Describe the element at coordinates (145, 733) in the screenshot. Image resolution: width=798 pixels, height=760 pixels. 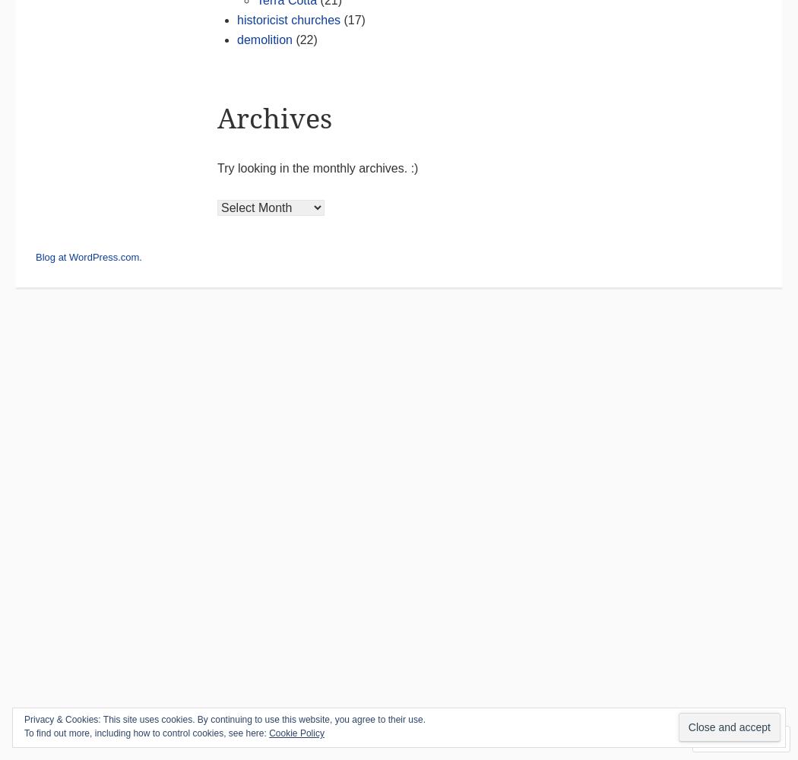
I see `'To find out more, including how to control cookies, see here:'` at that location.